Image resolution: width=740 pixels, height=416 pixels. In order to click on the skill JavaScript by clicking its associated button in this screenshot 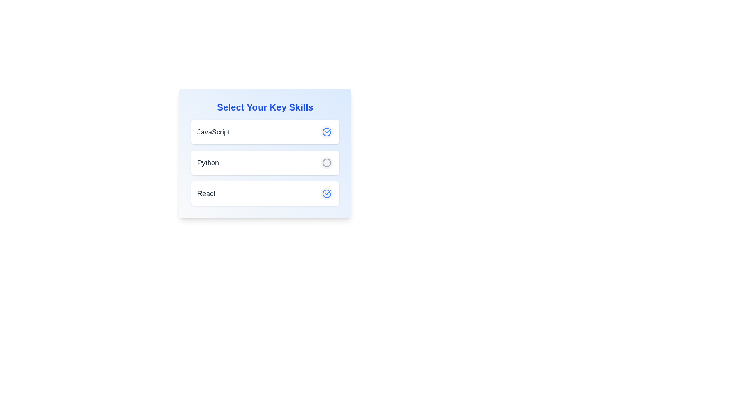, I will do `click(327, 132)`.